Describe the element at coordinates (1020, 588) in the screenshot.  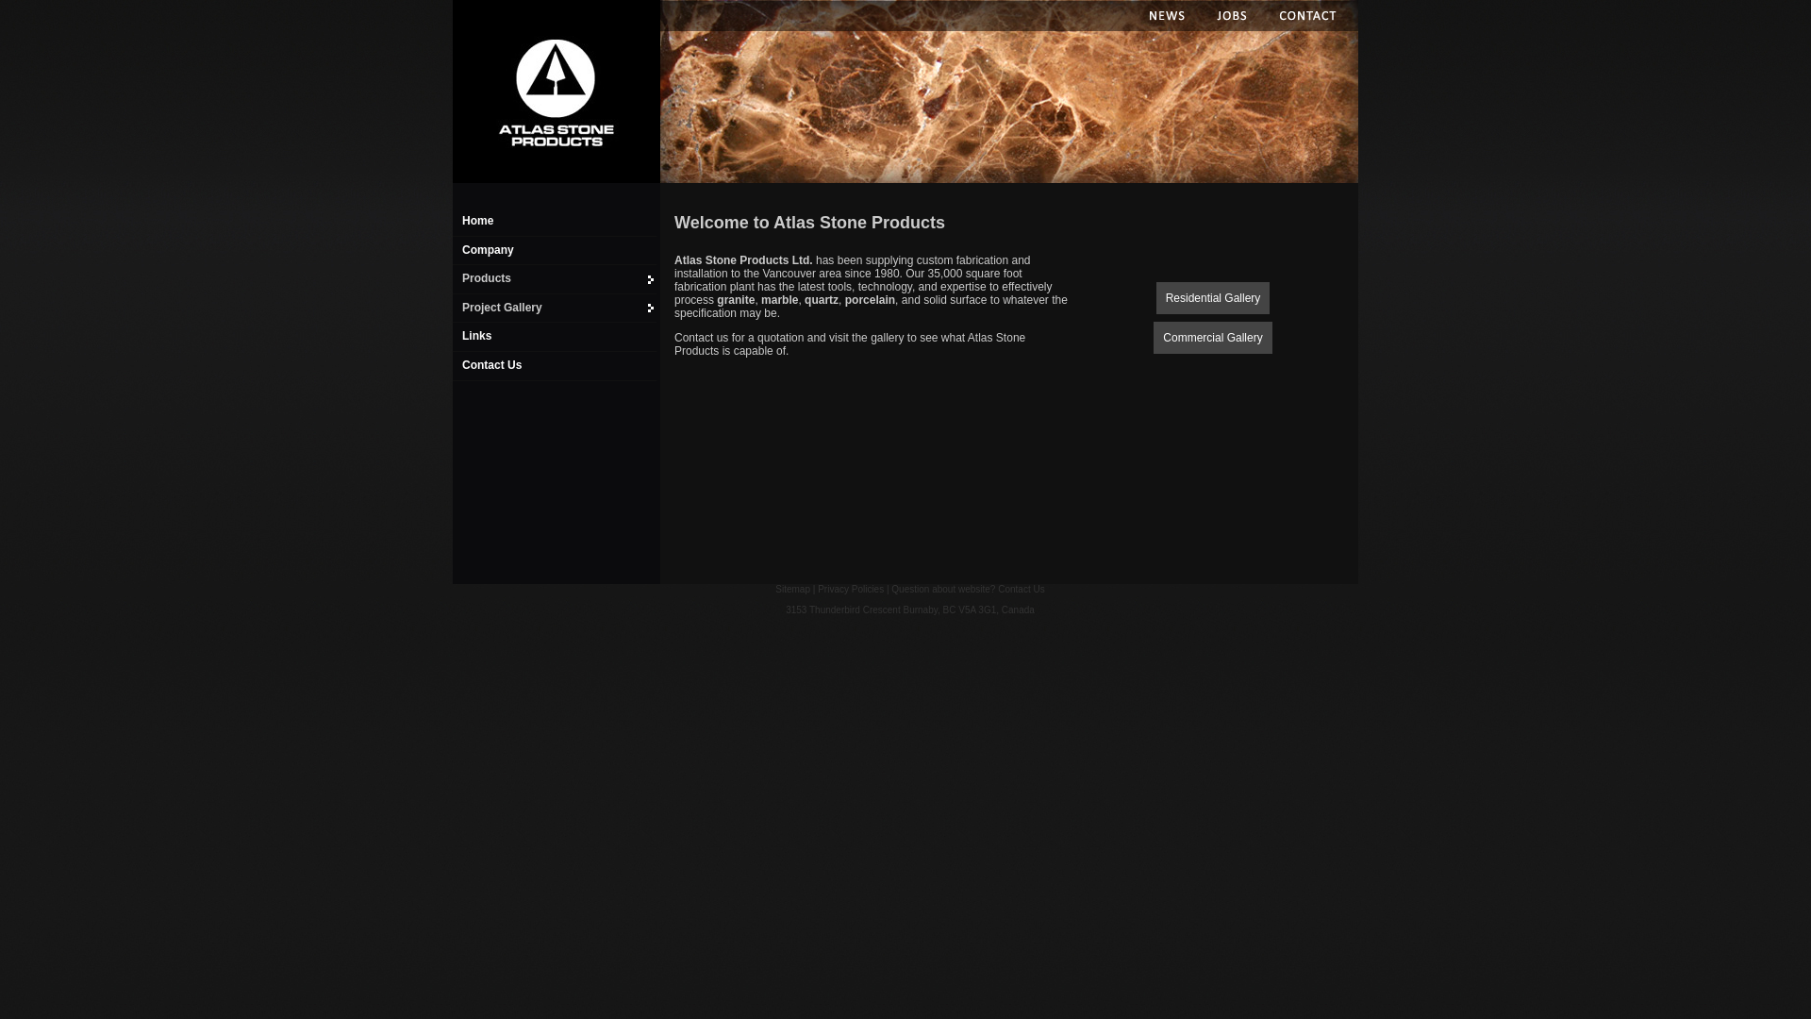
I see `'Contact Us'` at that location.